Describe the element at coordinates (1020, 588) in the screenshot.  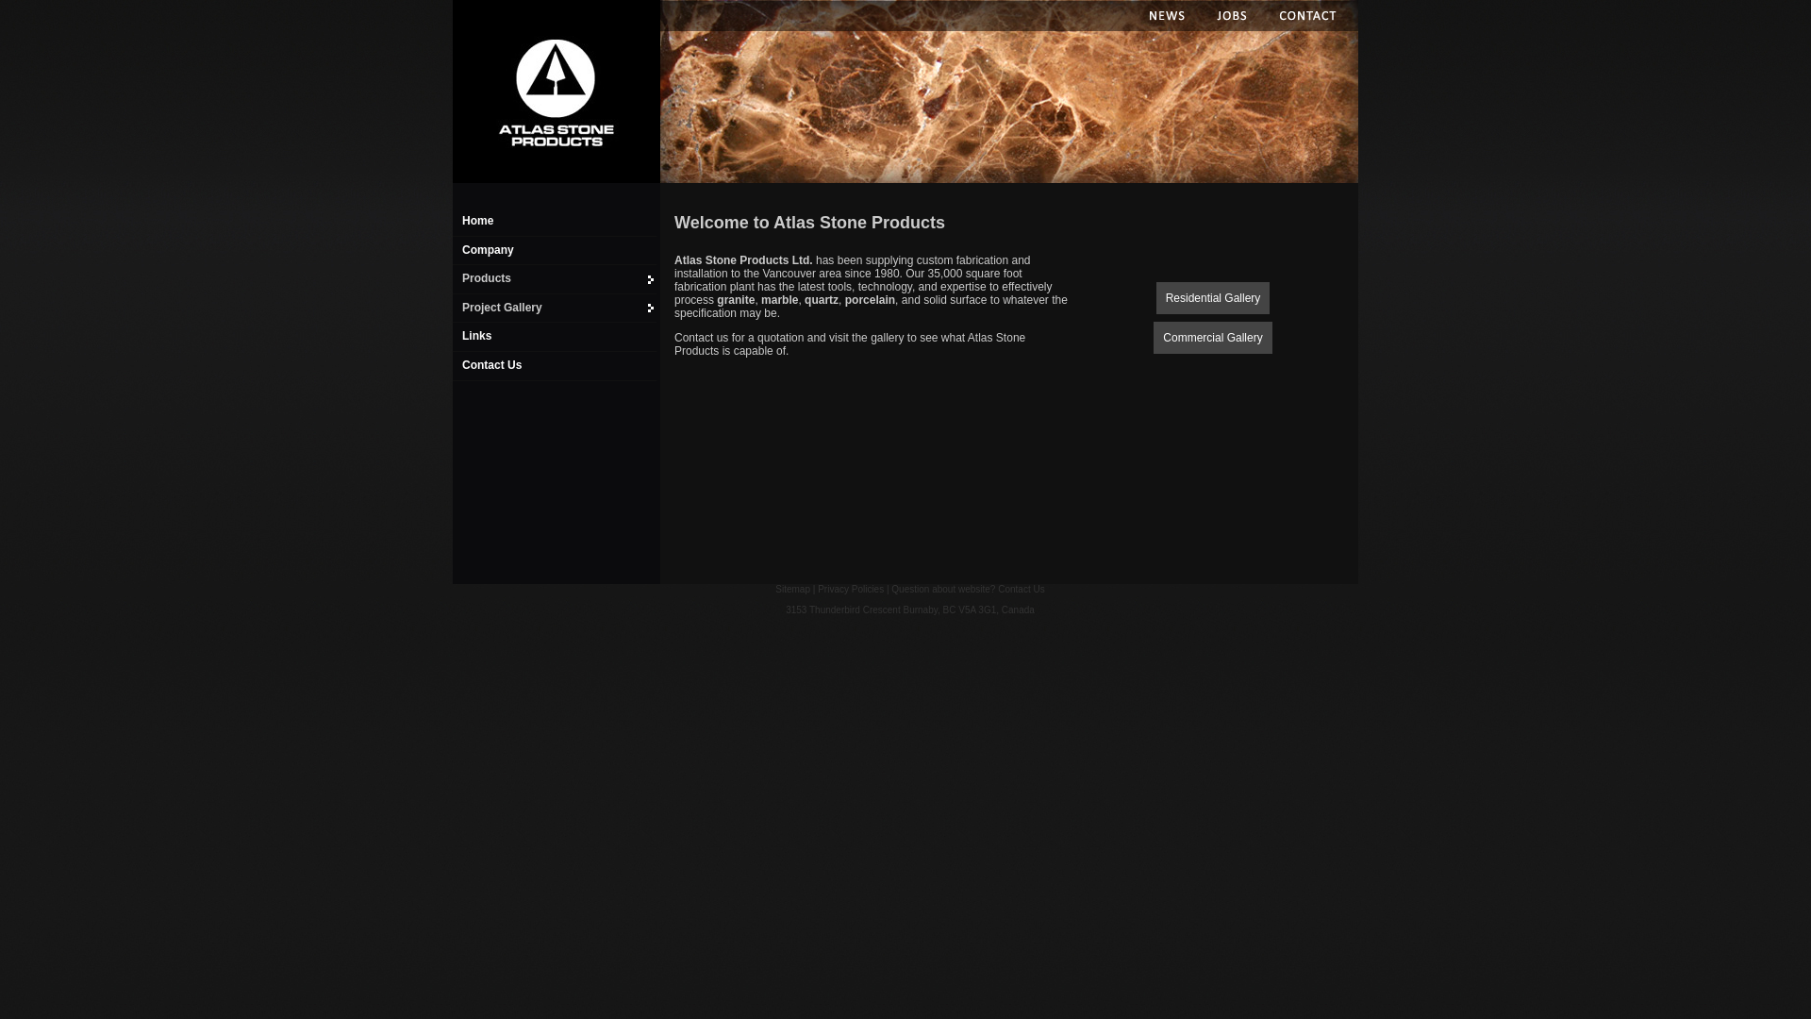
I see `'Contact Us'` at that location.